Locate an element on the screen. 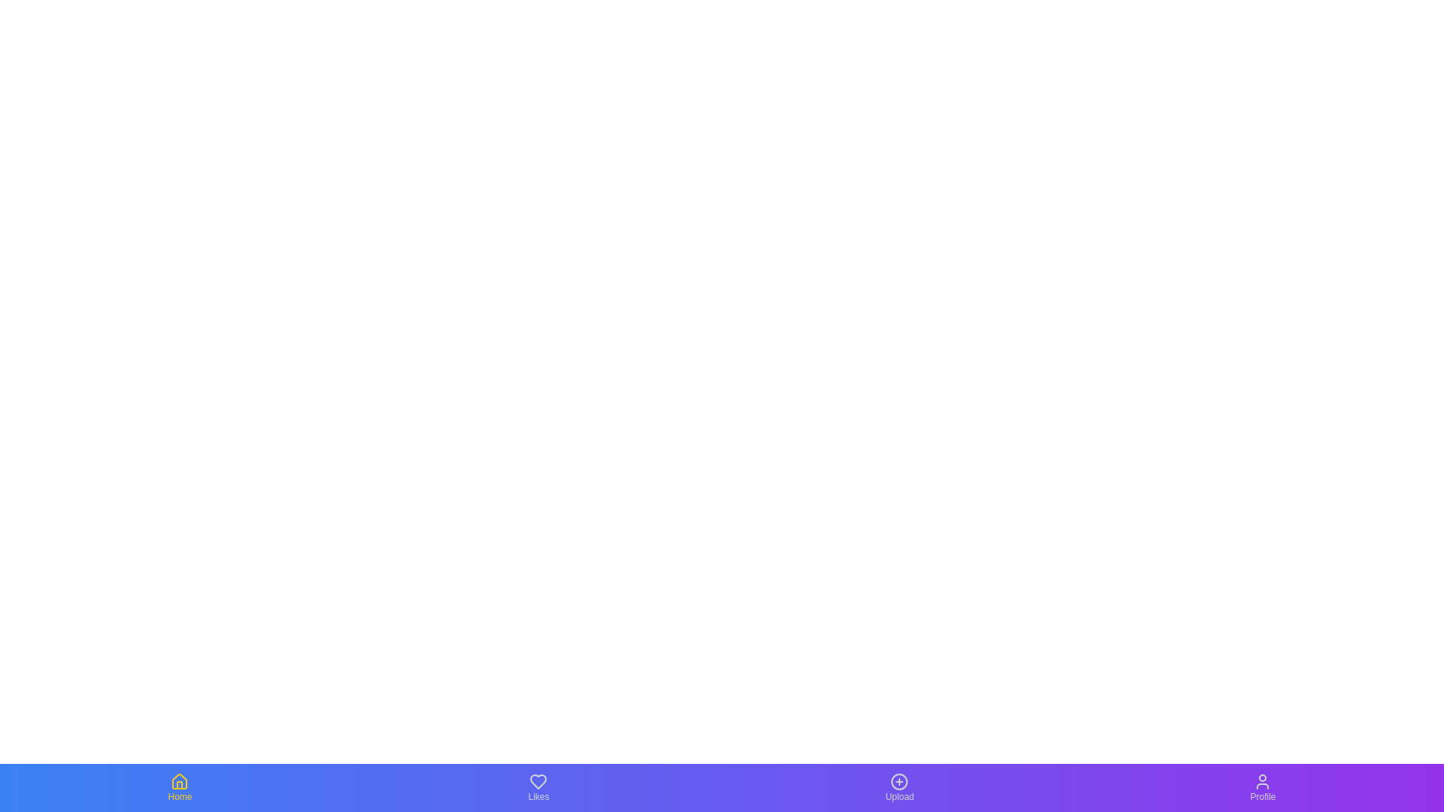 Image resolution: width=1444 pixels, height=812 pixels. the Home tab by clicking on it is located at coordinates (180, 787).